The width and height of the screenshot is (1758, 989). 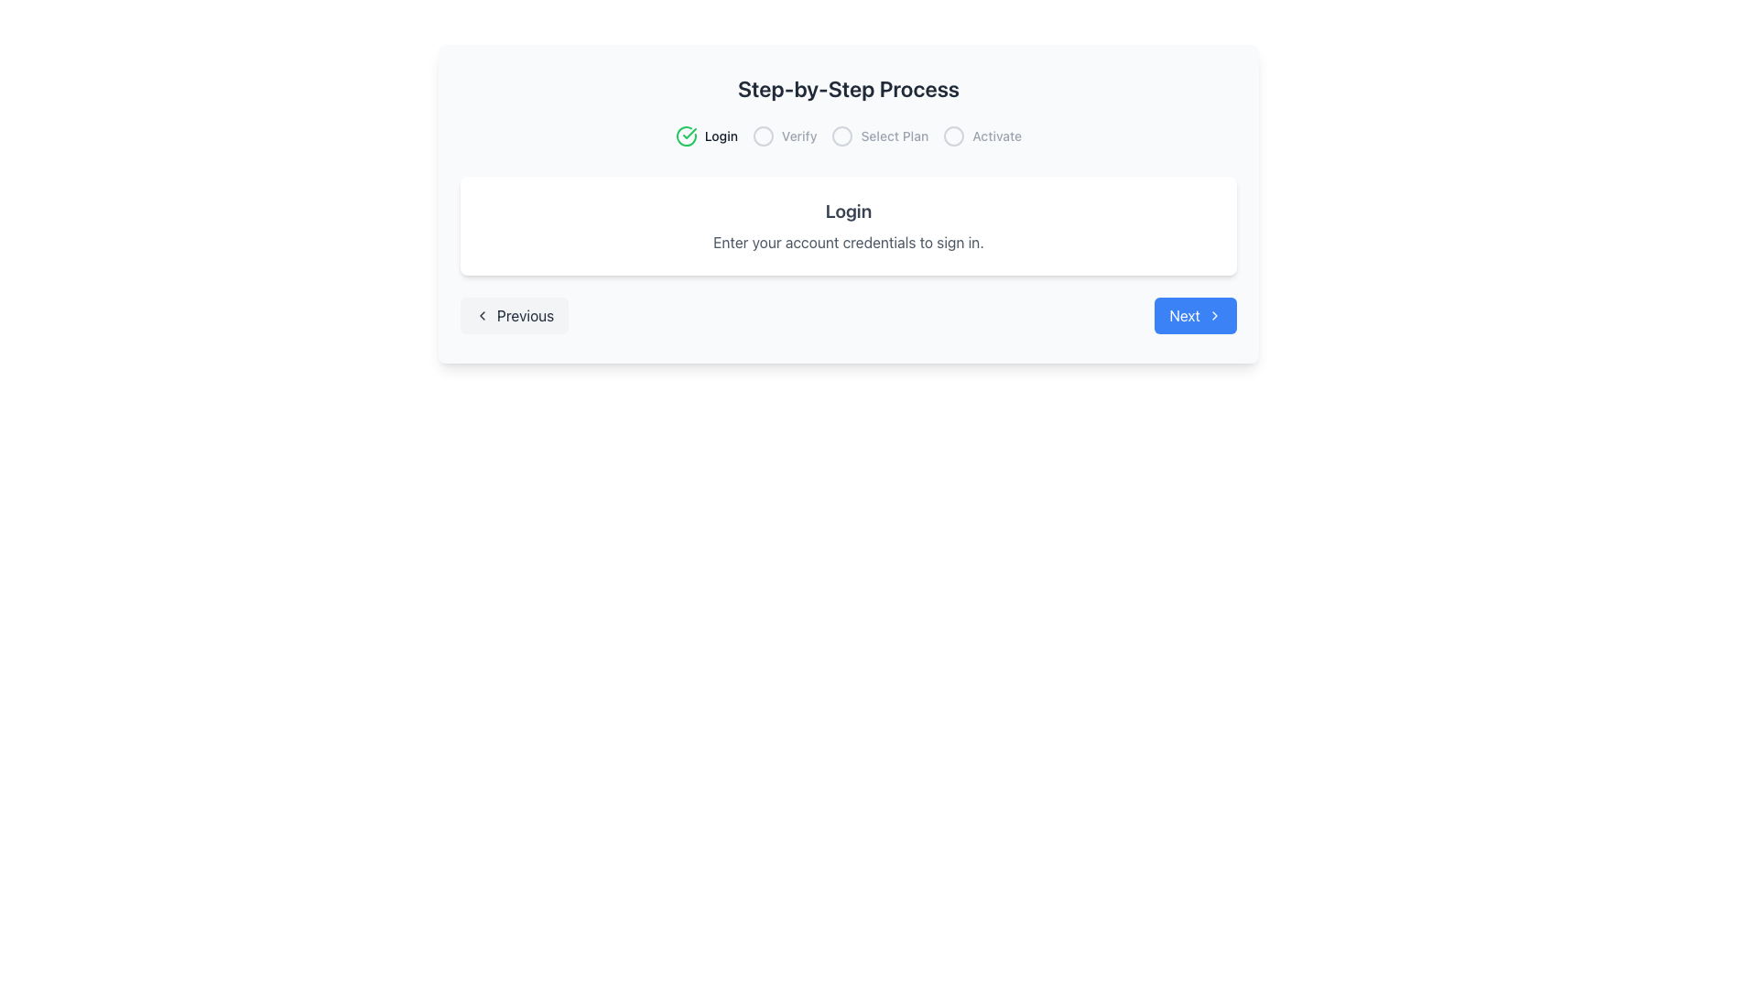 What do you see at coordinates (483, 314) in the screenshot?
I see `the left-pointing chevron icon within the 'Previous' button located at the bottom-left section of the login form` at bounding box center [483, 314].